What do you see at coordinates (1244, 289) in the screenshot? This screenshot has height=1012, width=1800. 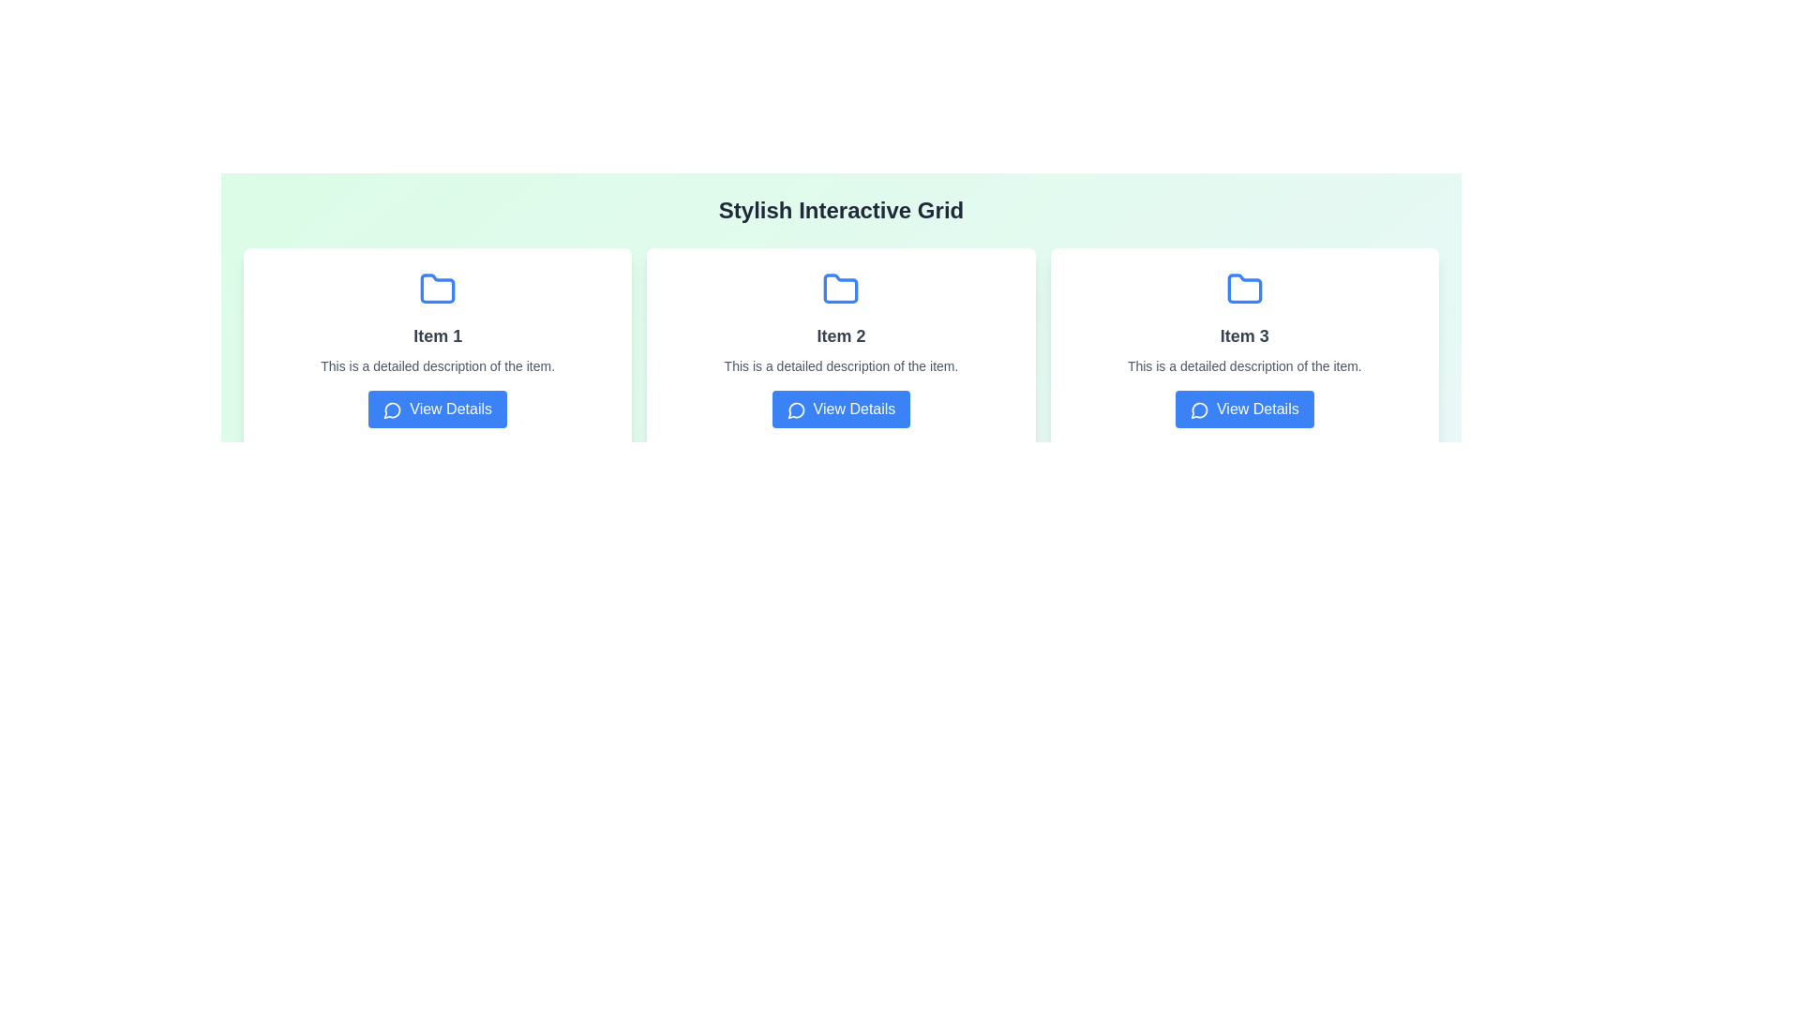 I see `the blue folder icon located in the third grid item labeled 'Item 3', which is positioned above the label text` at bounding box center [1244, 289].